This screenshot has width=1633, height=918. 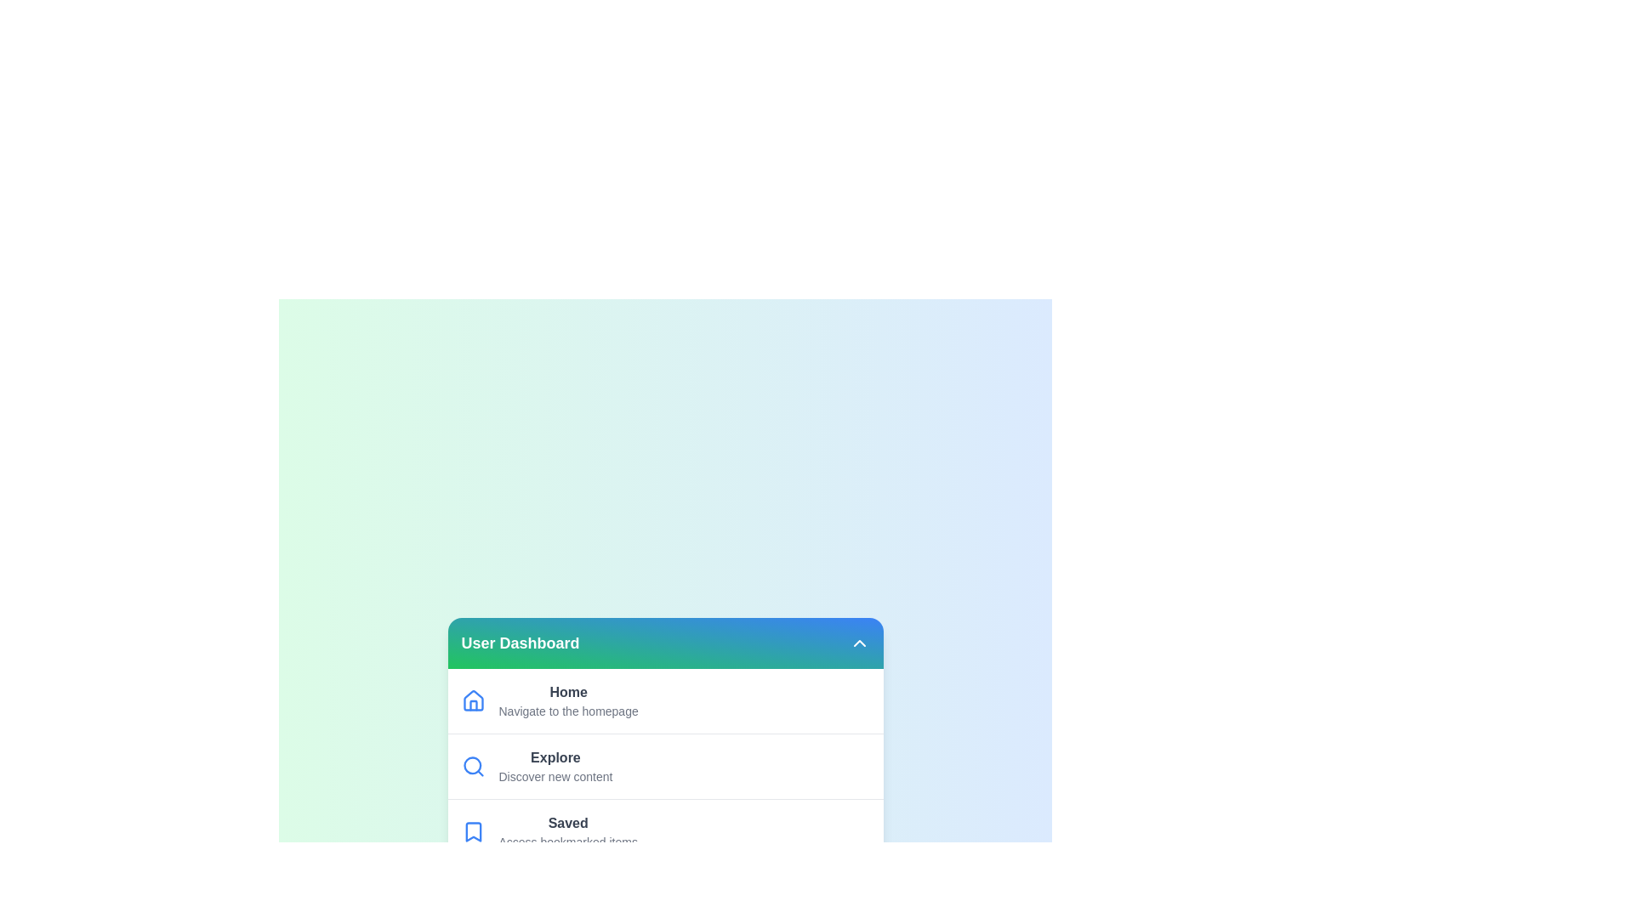 I want to click on the menu item Home to reveal its hover effect, so click(x=664, y=701).